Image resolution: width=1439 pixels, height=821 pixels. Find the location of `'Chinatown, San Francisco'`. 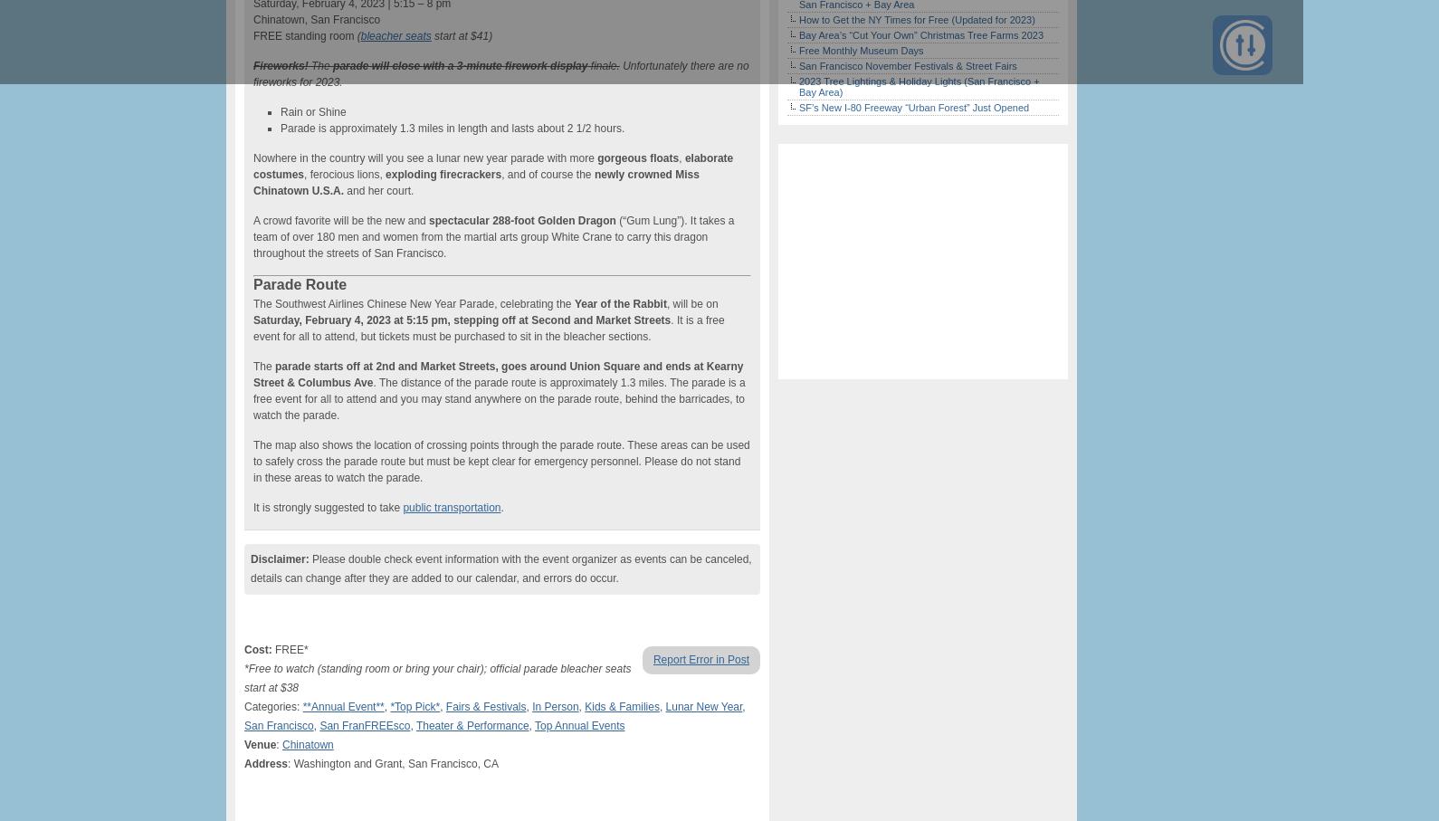

'Chinatown, San Francisco' is located at coordinates (316, 19).